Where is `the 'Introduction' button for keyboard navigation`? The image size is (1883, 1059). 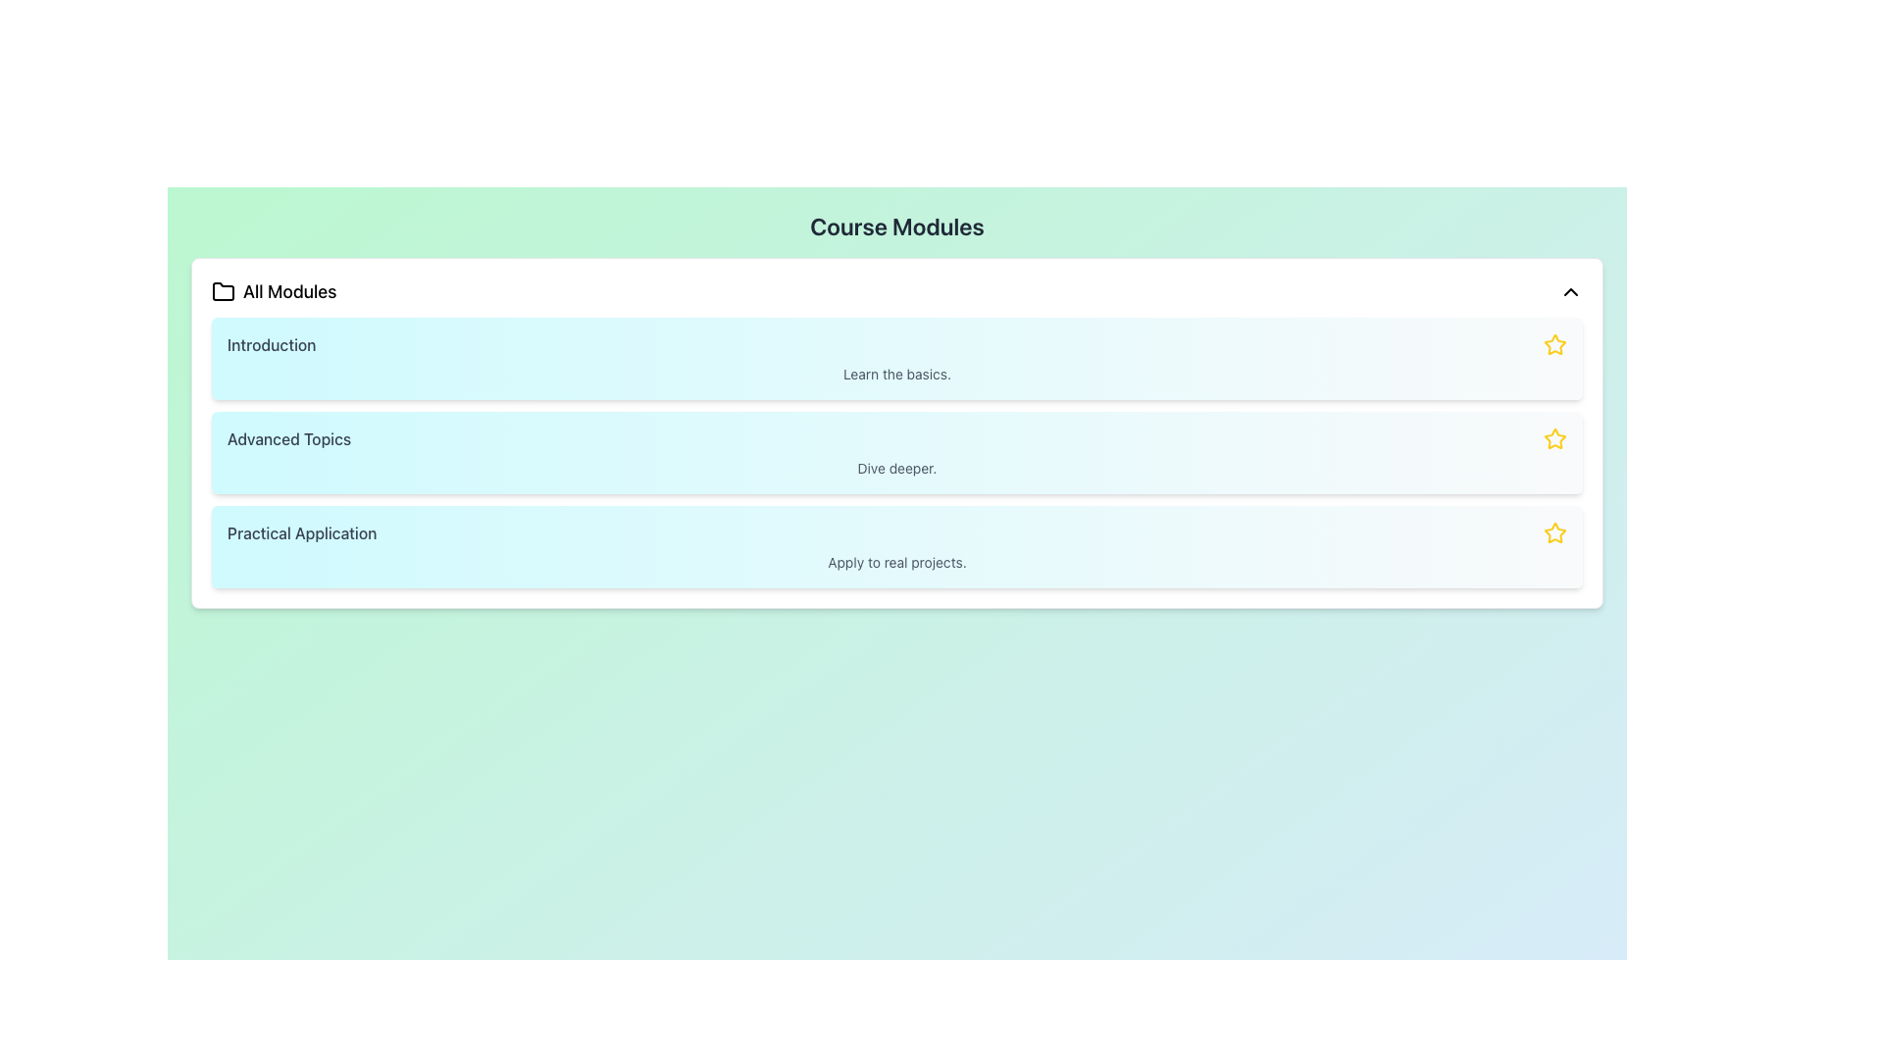 the 'Introduction' button for keyboard navigation is located at coordinates (896, 359).